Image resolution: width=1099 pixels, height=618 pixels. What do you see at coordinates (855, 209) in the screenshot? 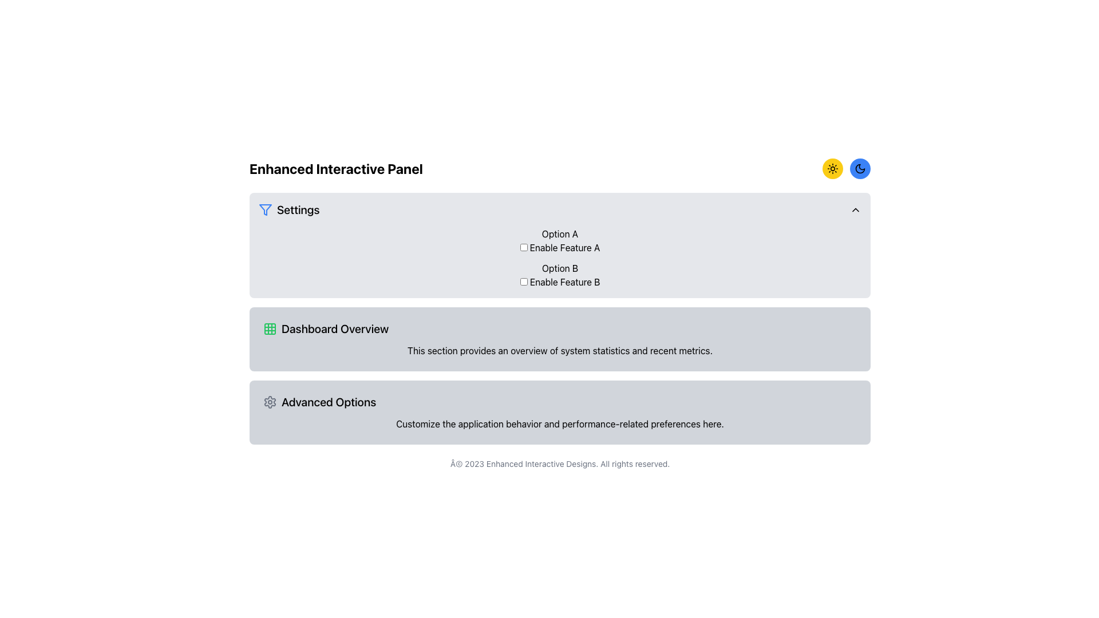
I see `the toggle button in the upper right corner of the 'Settings' panel` at bounding box center [855, 209].